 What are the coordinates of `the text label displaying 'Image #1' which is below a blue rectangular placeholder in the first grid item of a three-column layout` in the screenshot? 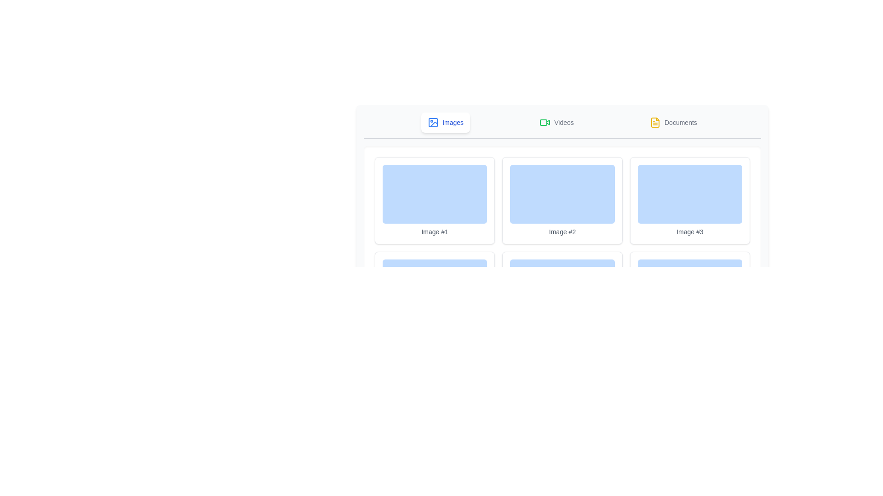 It's located at (434, 231).